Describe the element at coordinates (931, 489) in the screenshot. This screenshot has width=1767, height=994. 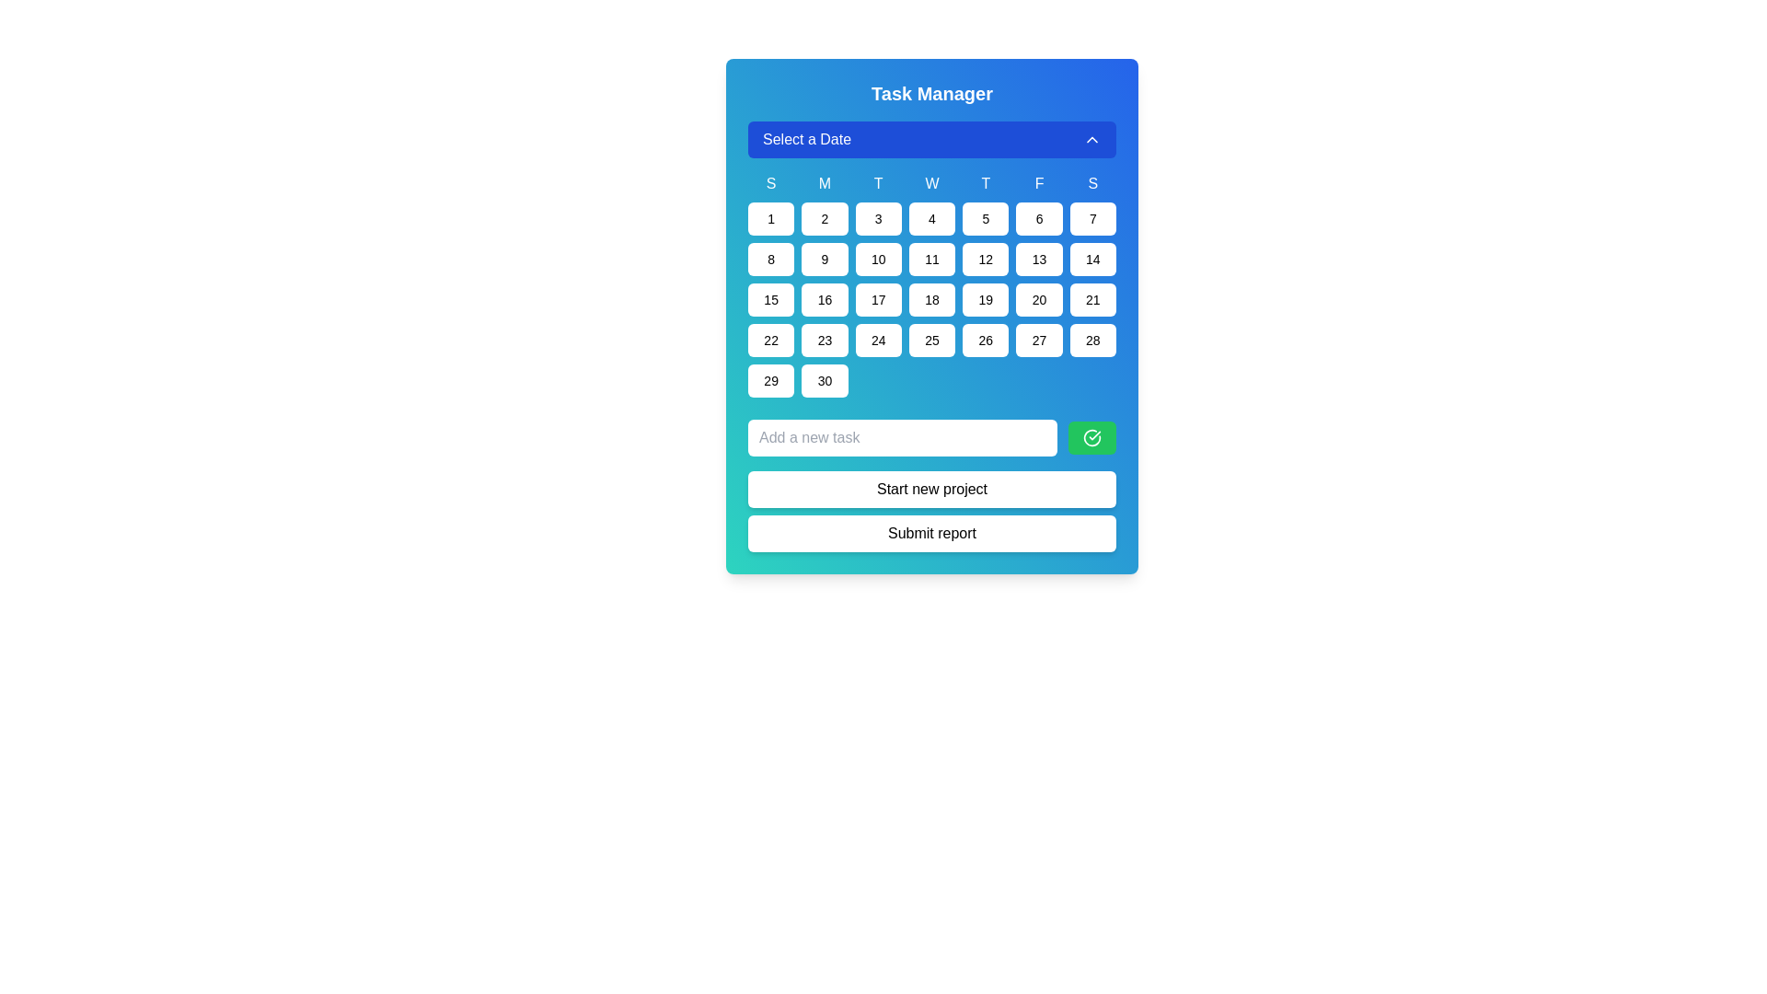
I see `the 'Start new project' button, which is a rectangular button with rounded corners, white background, and black text, located at the bottom of the 'Task Manager' interface` at that location.